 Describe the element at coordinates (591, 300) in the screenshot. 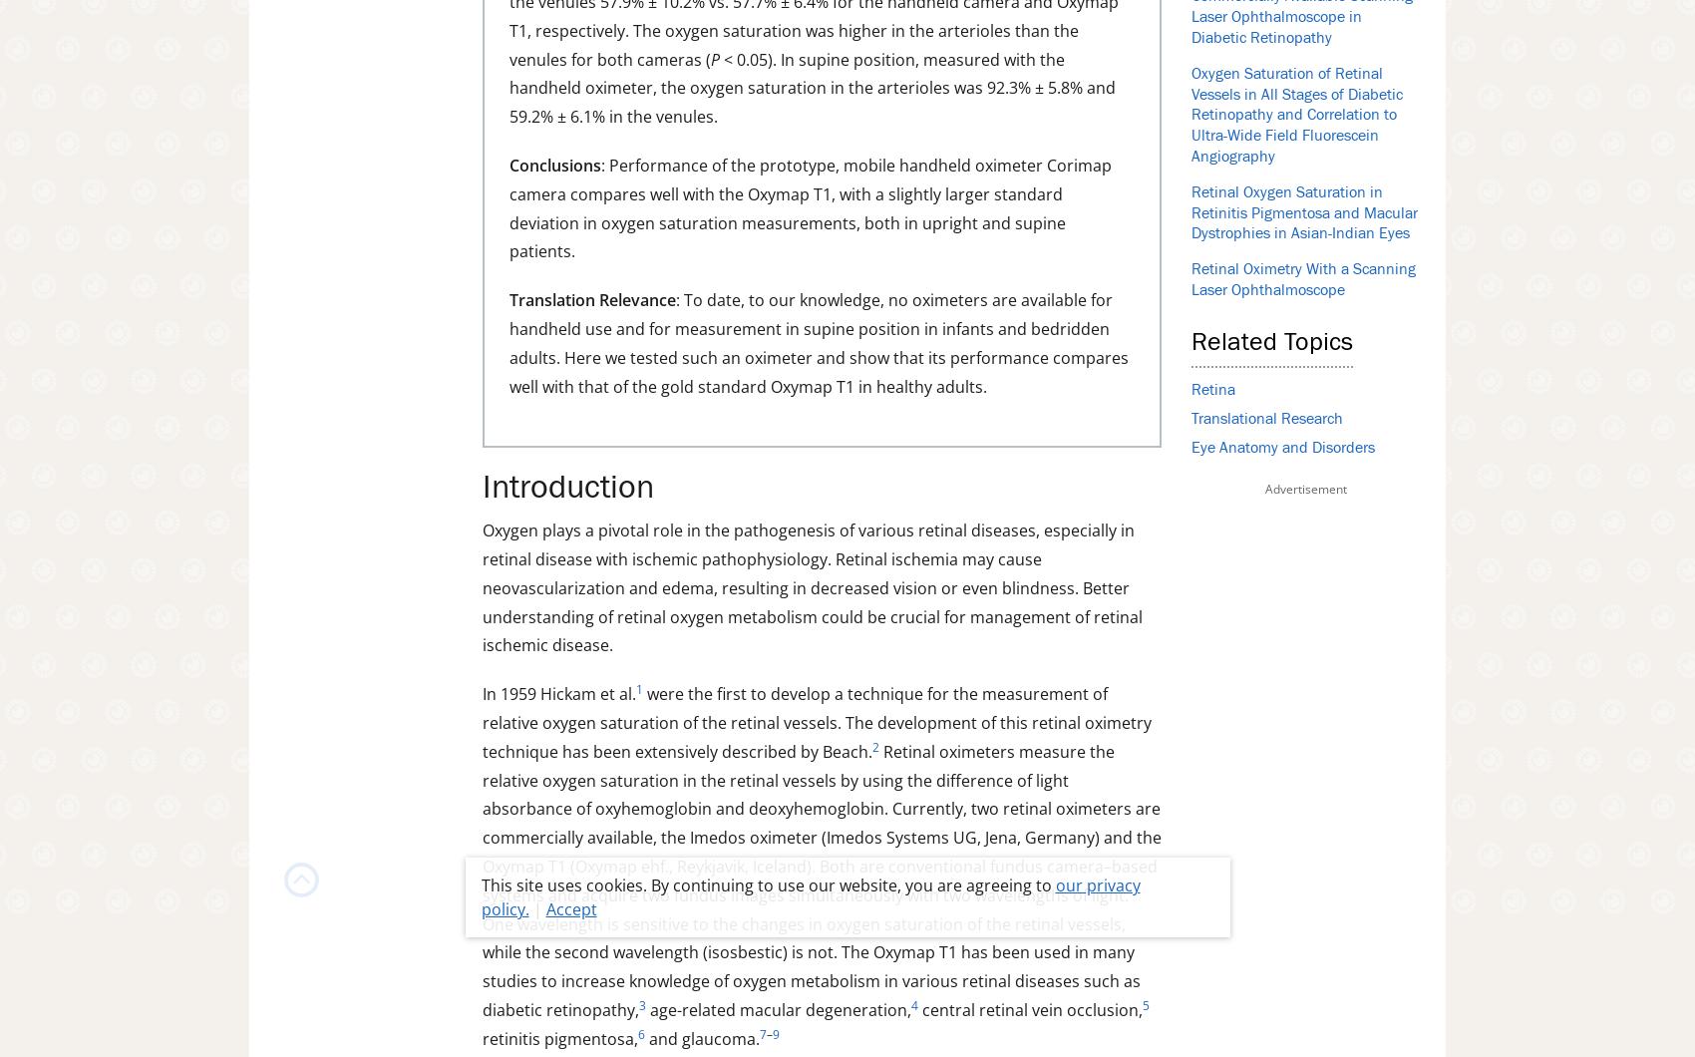

I see `'Translation Relevance'` at that location.